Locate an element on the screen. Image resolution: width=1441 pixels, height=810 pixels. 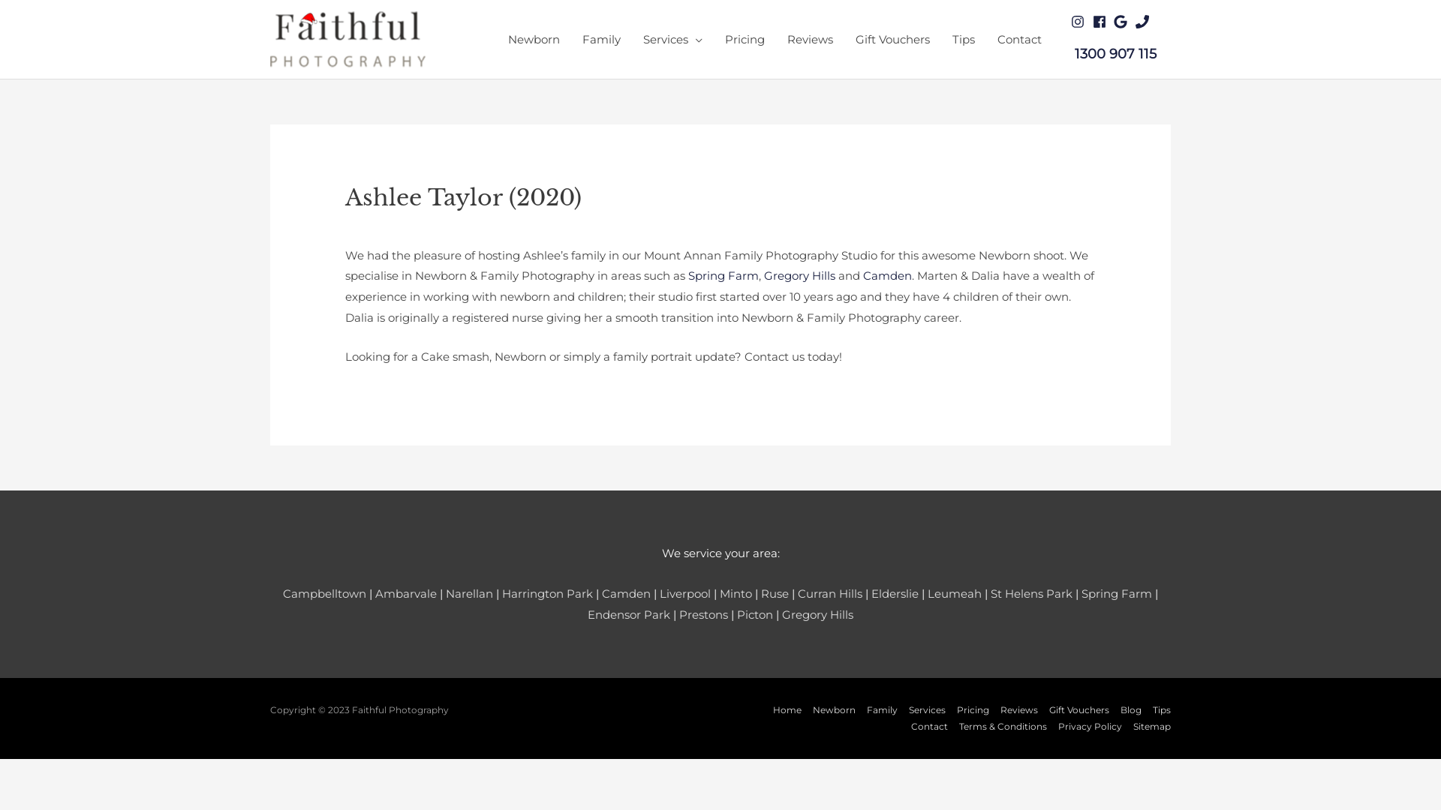
'Family' is located at coordinates (877, 709).